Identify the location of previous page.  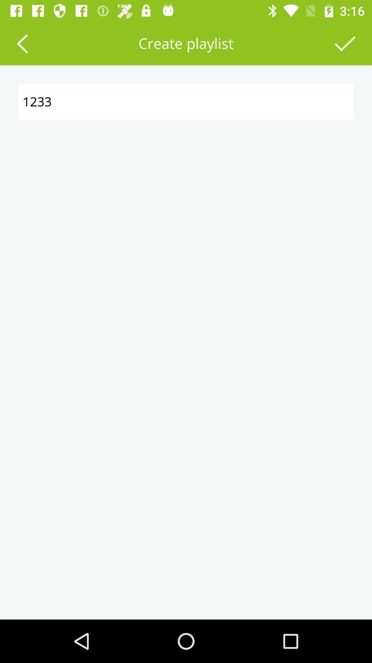
(22, 43).